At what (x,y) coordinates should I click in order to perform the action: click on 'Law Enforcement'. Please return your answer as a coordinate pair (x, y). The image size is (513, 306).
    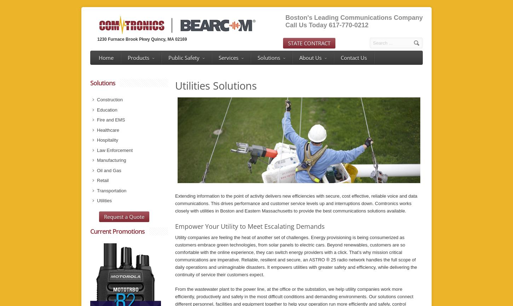
    Looking at the image, I should click on (115, 149).